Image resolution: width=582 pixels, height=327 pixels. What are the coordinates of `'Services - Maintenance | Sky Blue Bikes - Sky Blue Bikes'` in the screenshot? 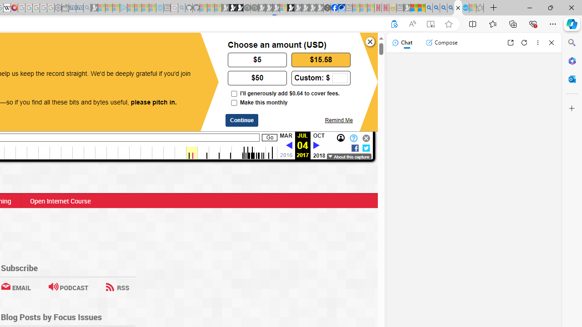 It's located at (465, 8).